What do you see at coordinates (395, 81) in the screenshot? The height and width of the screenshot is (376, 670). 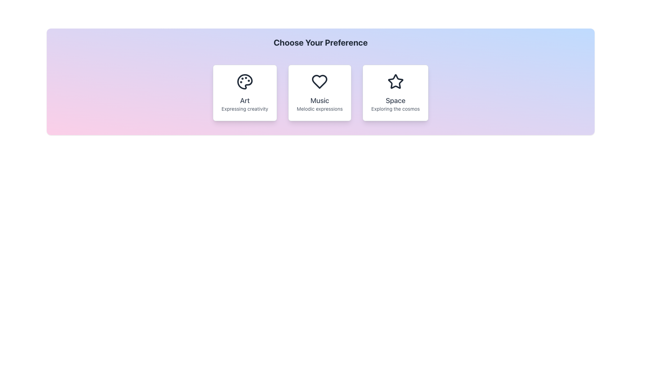 I see `the star-shaped icon within the 'Space' preference card, which is the third card from the left, located at the coordinates provided` at bounding box center [395, 81].